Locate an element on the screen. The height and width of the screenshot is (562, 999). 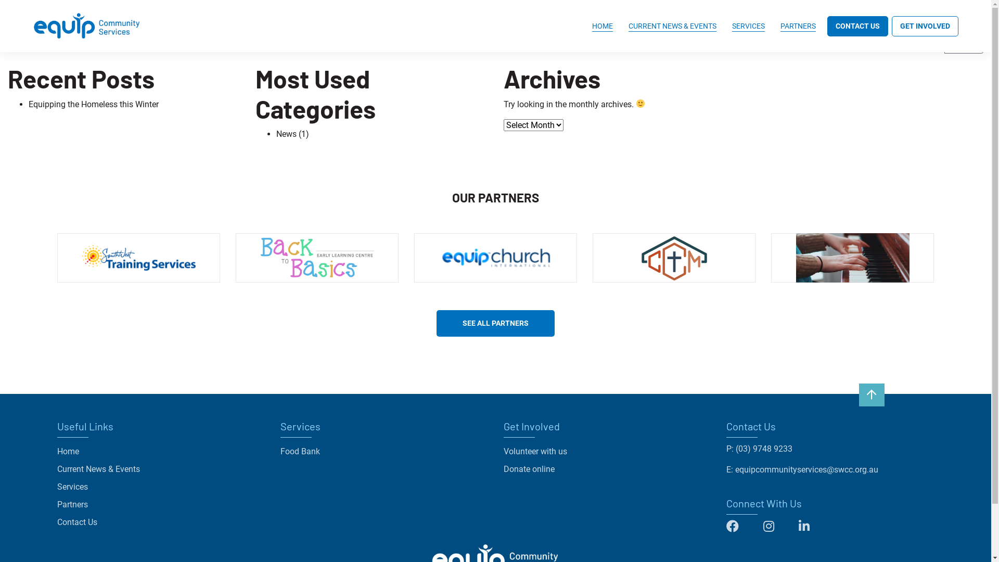
'P: (03) 9748 9233' is located at coordinates (759, 449).